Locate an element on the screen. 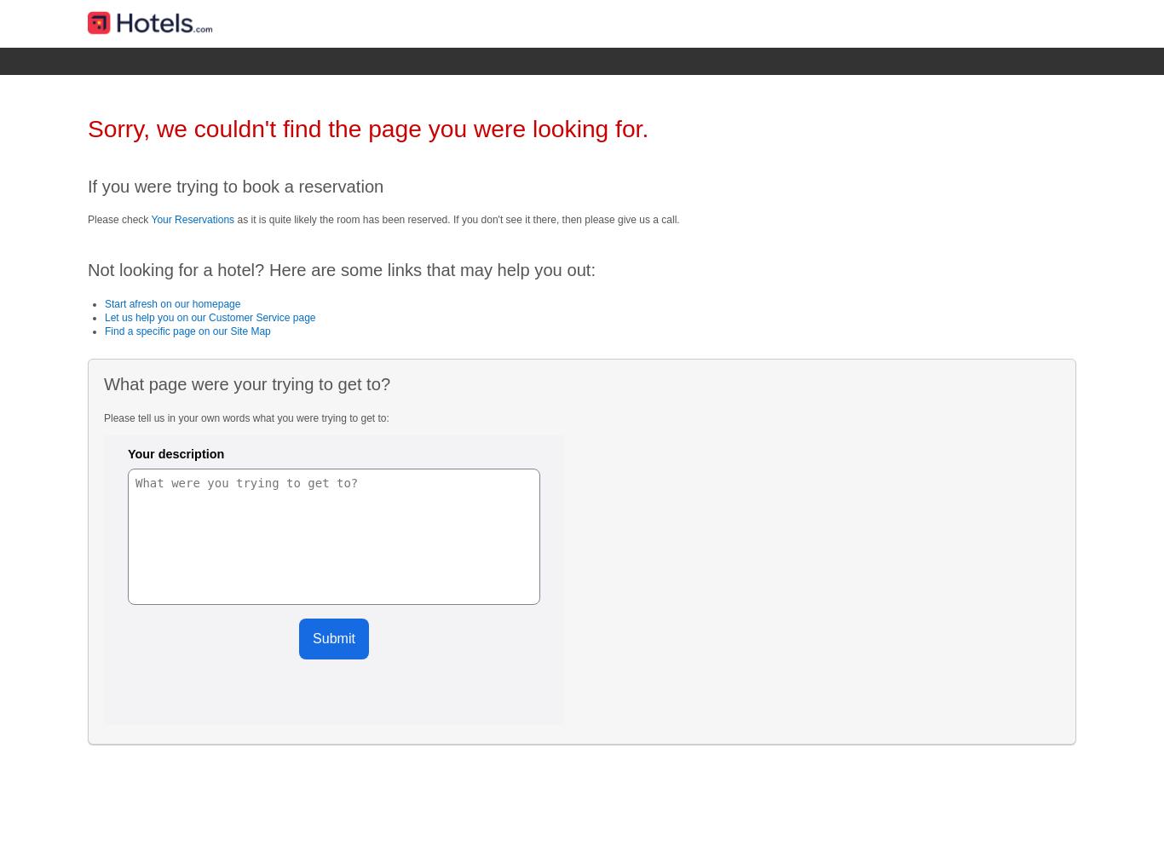  'Find a specific page on our Site Map' is located at coordinates (187, 331).